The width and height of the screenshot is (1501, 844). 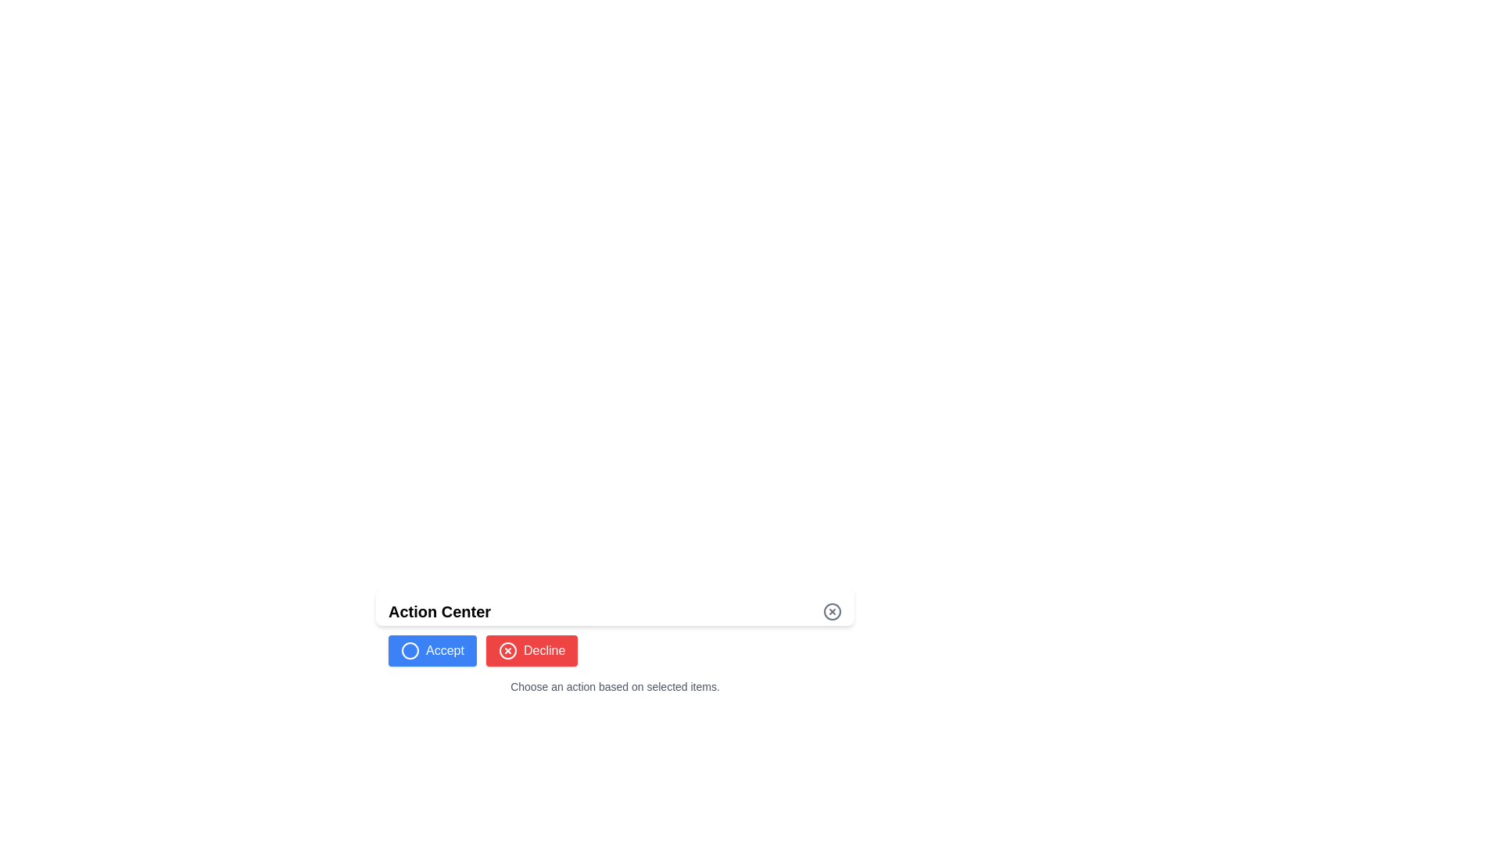 I want to click on the 'X' icon on the 'Decline' button to indicate decline, so click(x=507, y=651).